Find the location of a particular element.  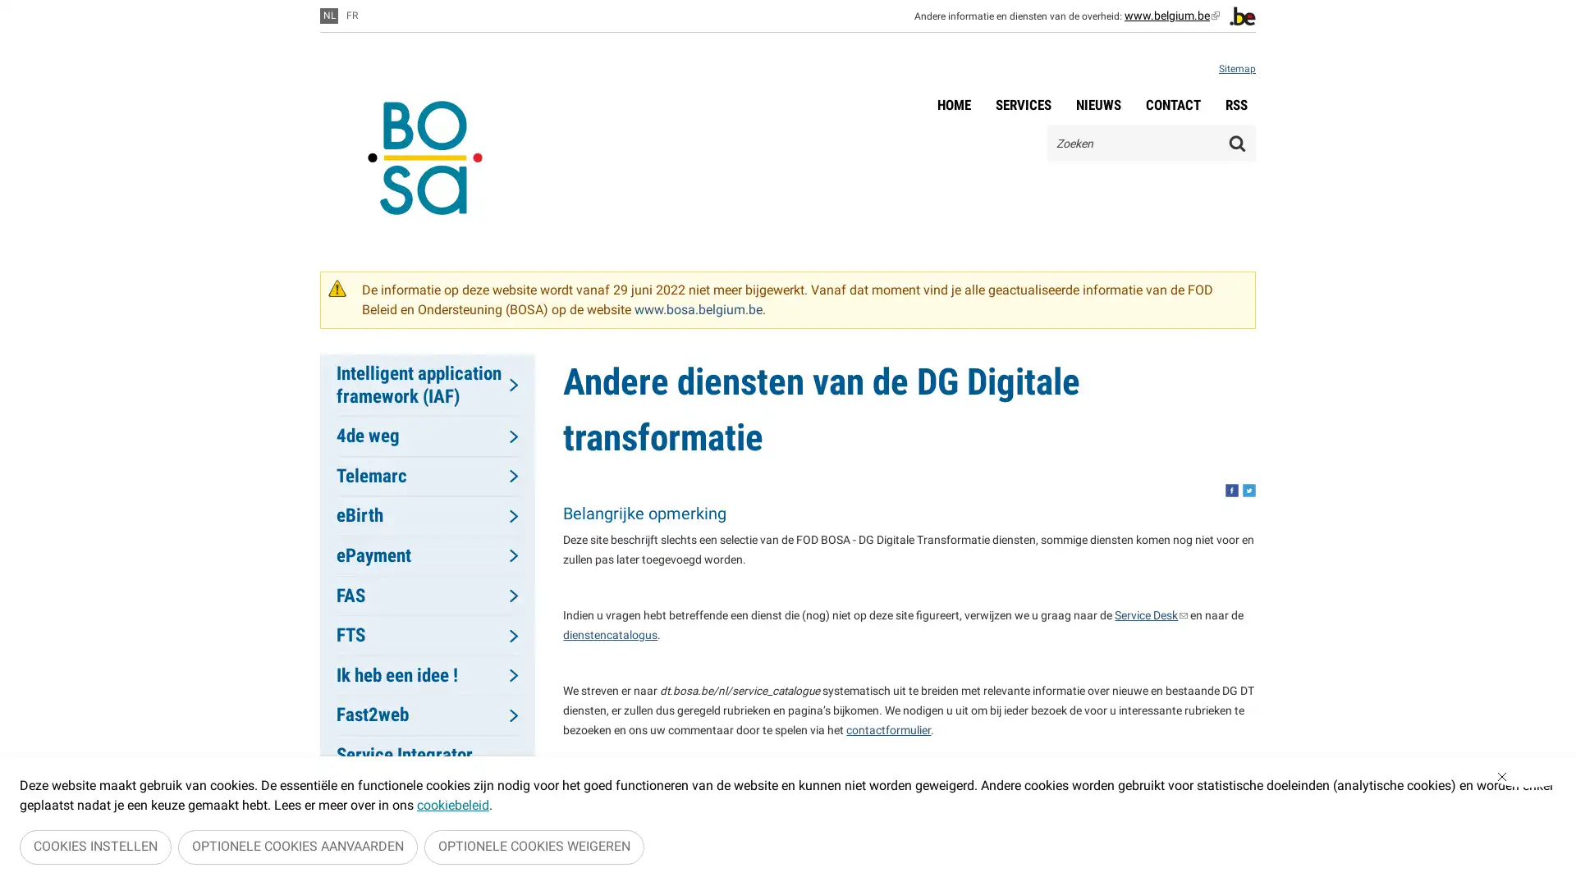

Zoeken is located at coordinates (1237, 142).